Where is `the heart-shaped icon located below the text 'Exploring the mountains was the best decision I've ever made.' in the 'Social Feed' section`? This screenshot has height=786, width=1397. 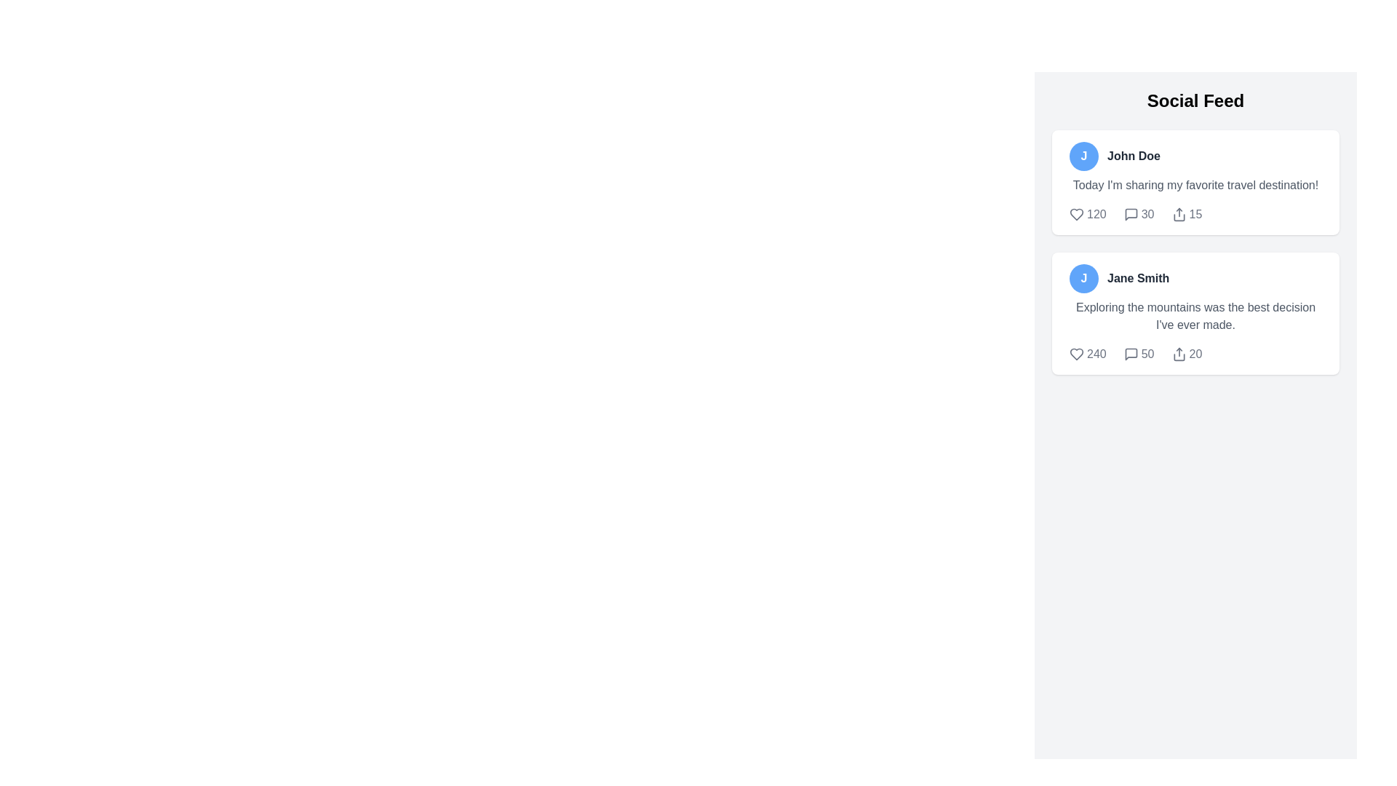
the heart-shaped icon located below the text 'Exploring the mountains was the best decision I've ever made.' in the 'Social Feed' section is located at coordinates (1076, 354).